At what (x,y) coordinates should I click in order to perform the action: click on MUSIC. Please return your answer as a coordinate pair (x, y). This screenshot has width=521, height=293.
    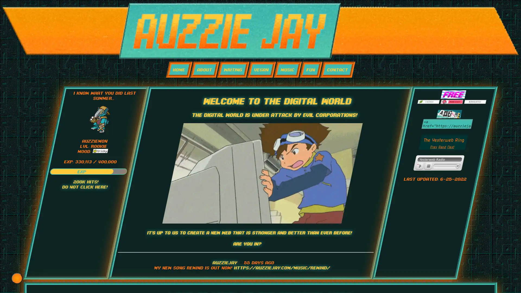
    Looking at the image, I should click on (287, 69).